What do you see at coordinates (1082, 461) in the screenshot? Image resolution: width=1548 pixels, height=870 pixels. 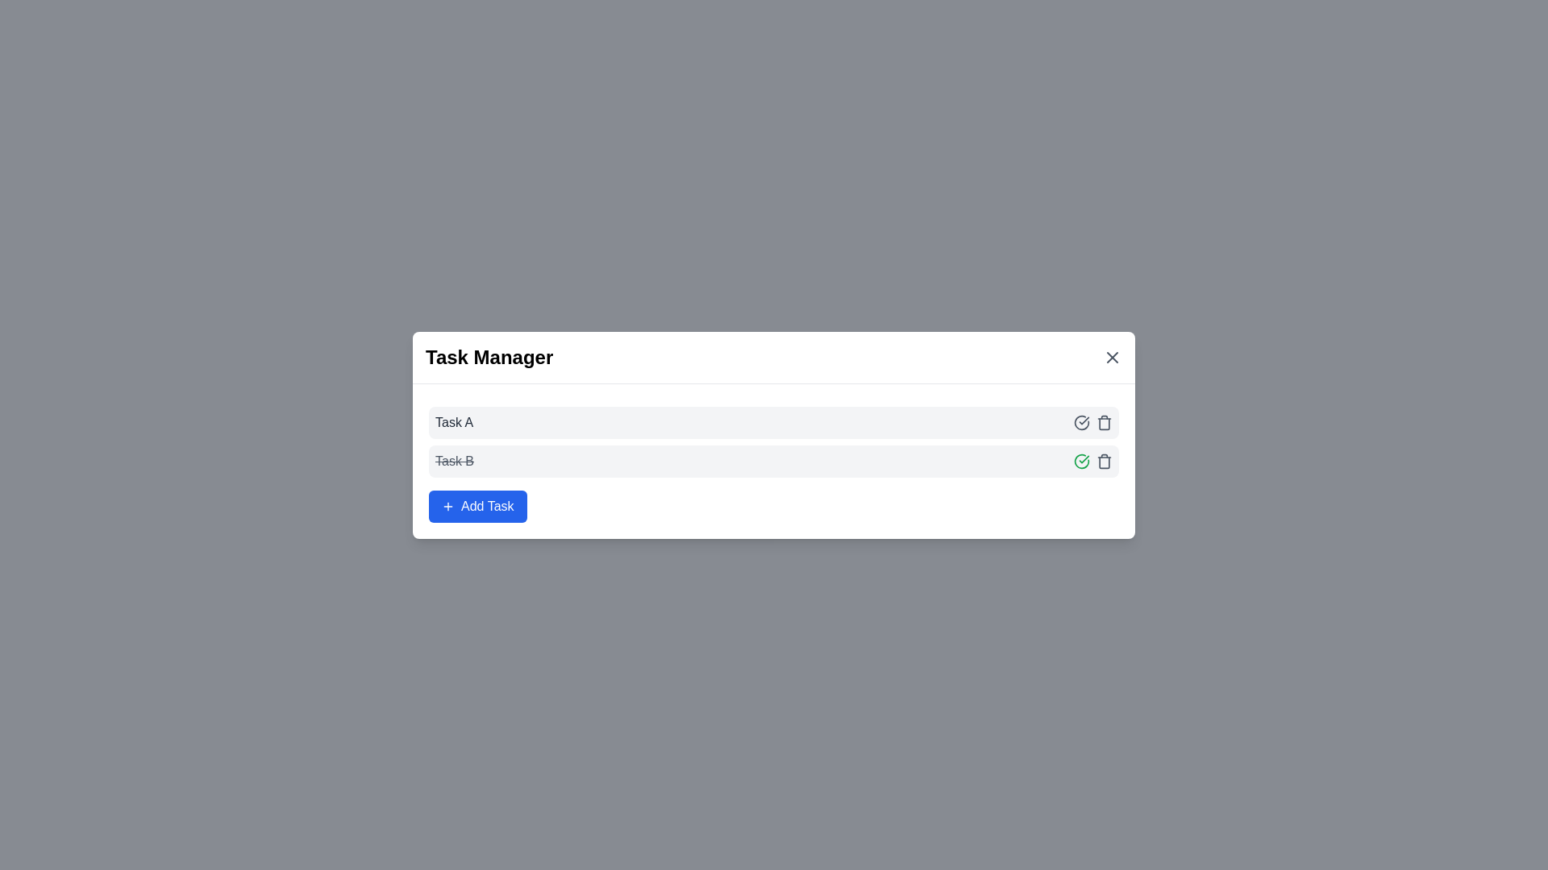 I see `the task completion marker icon button, which is the first icon in the set of two at the end of the second task row` at bounding box center [1082, 461].